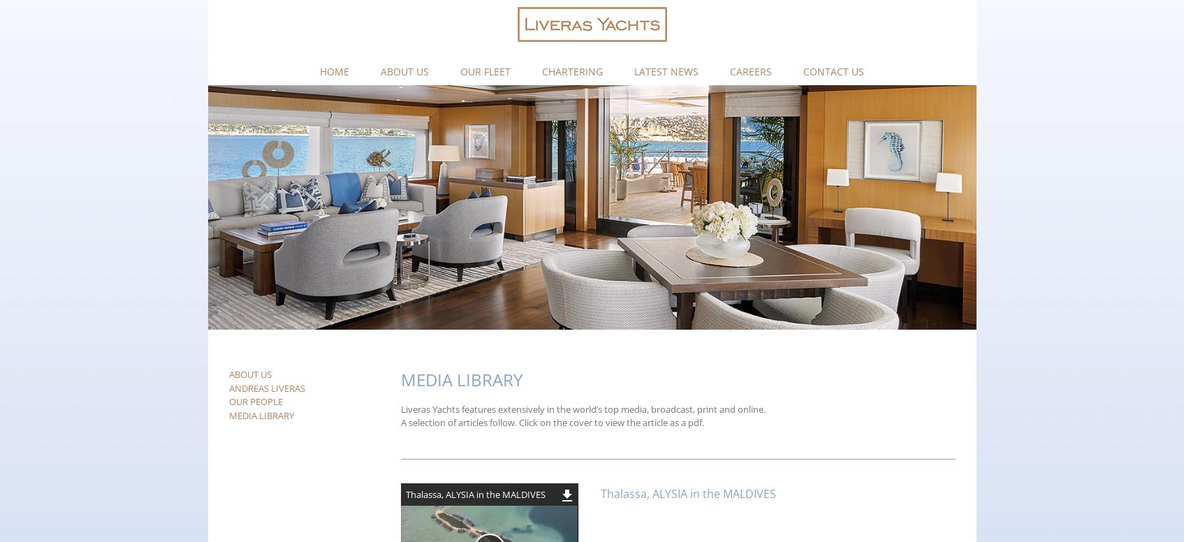 The height and width of the screenshot is (542, 1184). I want to click on 'LATEST NEWS', so click(666, 71).